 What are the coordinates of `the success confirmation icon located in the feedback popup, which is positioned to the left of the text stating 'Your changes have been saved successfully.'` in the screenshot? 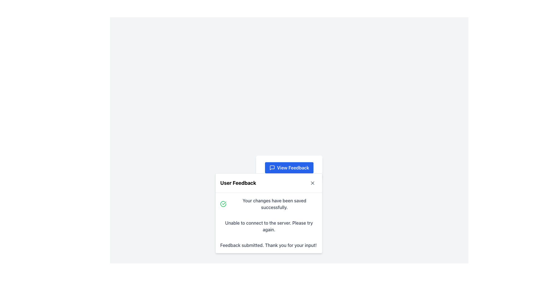 It's located at (223, 204).